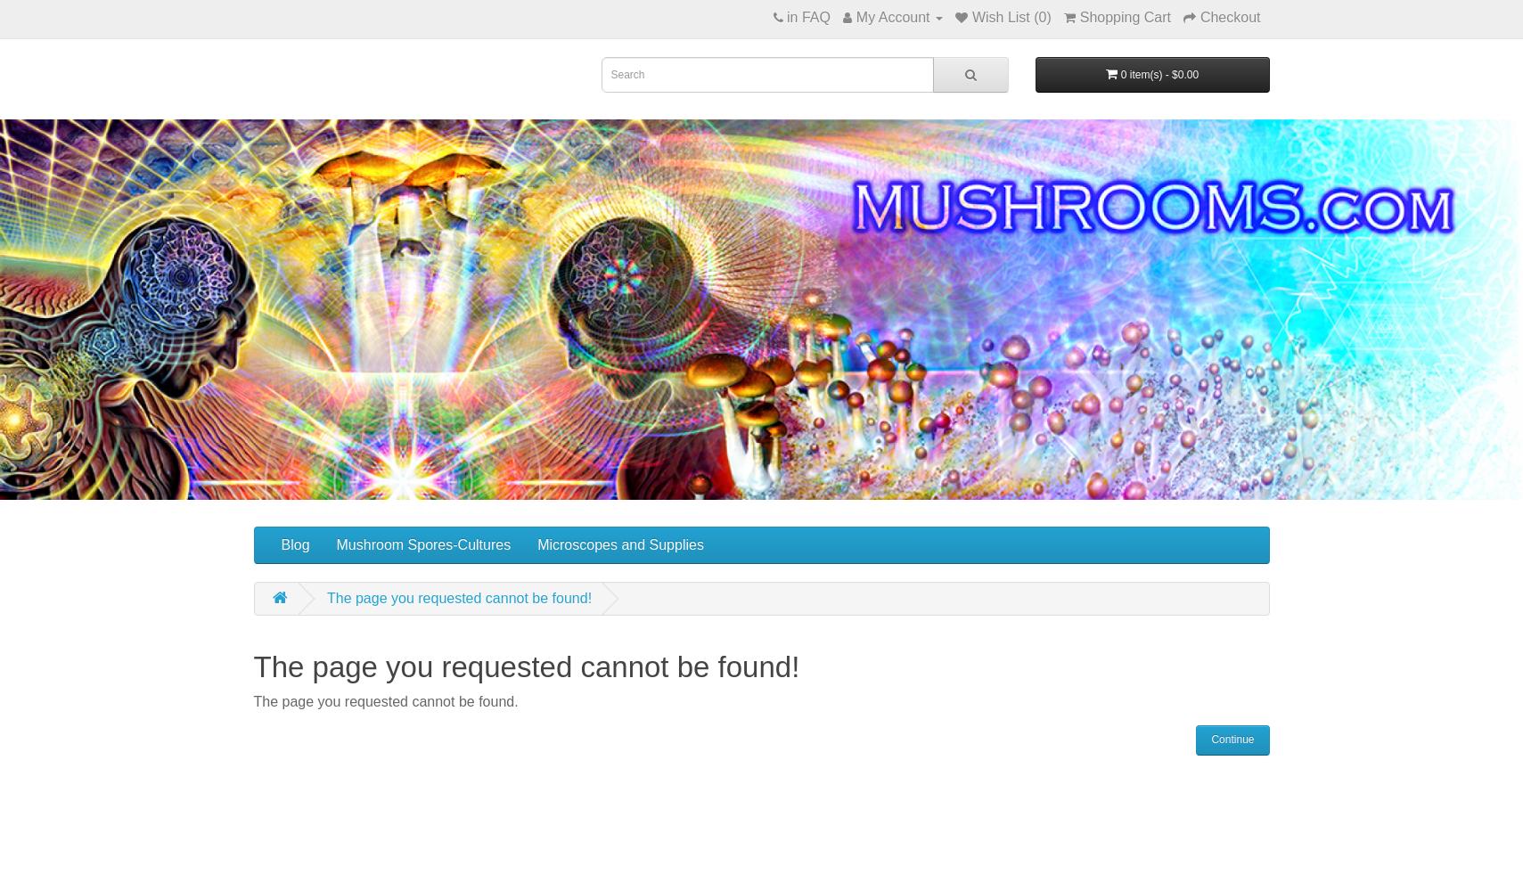  What do you see at coordinates (619, 544) in the screenshot?
I see `'Microscopes and Supplies'` at bounding box center [619, 544].